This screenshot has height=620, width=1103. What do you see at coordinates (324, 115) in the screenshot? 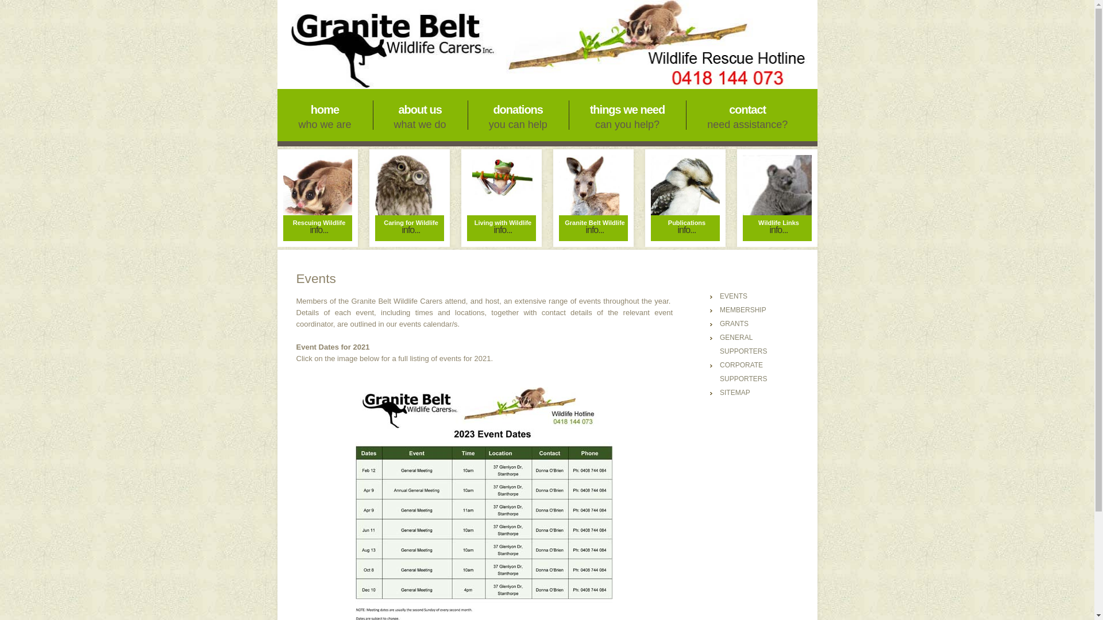
I see `'home` at bounding box center [324, 115].